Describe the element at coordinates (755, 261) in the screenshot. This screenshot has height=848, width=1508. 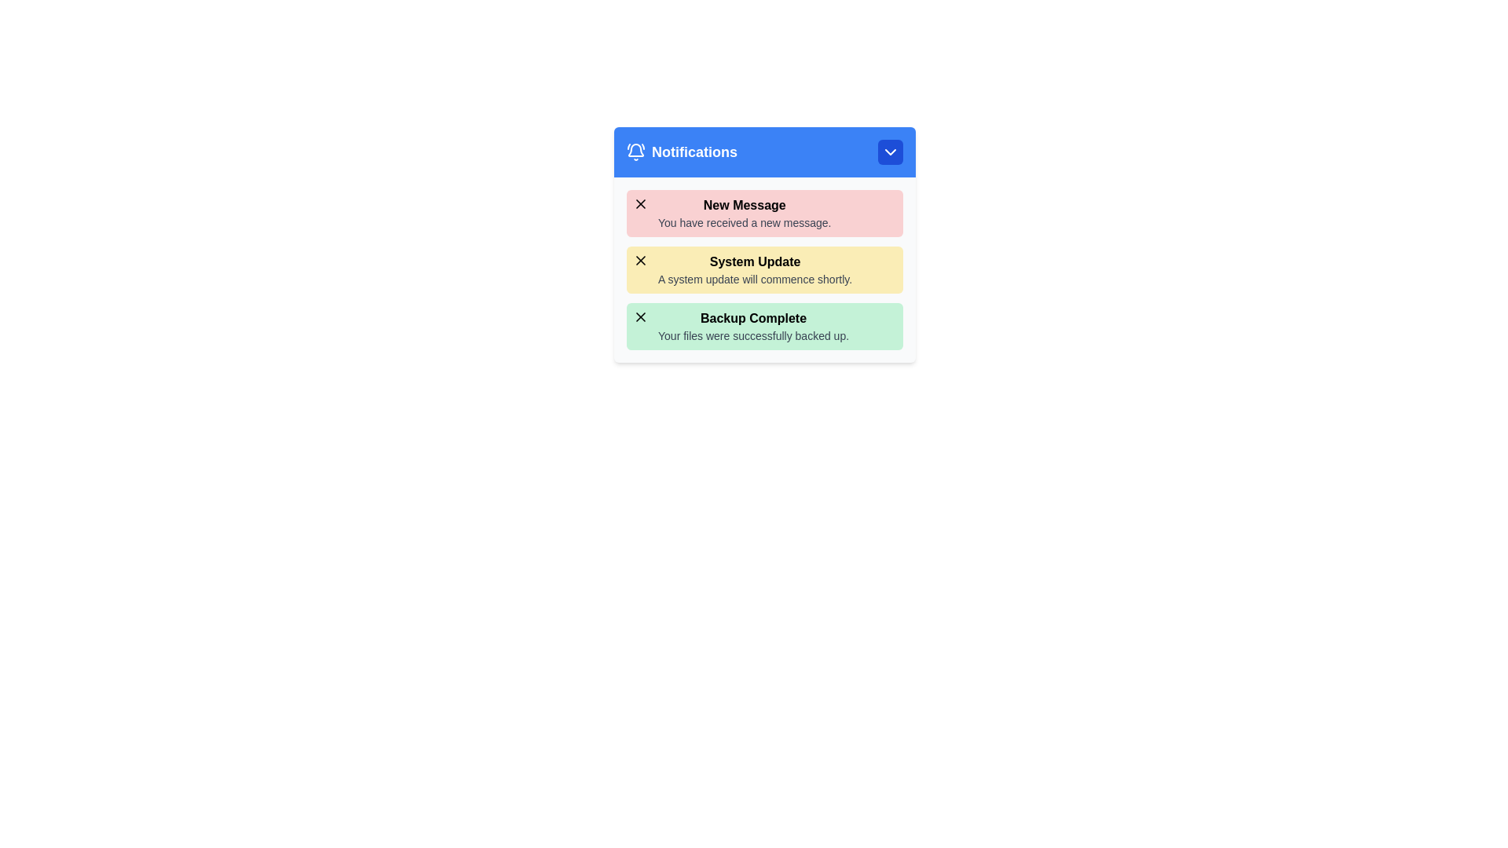
I see `the Text Label that serves as the title for the second notification indicating a system update, positioned between the 'New Message' and 'Backup Complete' cards` at that location.